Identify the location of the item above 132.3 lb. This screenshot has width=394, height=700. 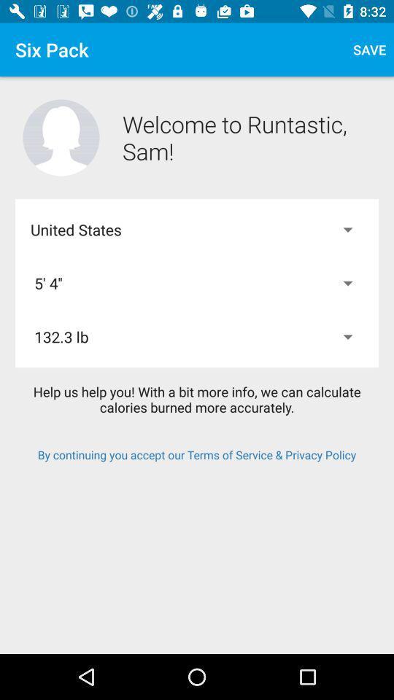
(197, 282).